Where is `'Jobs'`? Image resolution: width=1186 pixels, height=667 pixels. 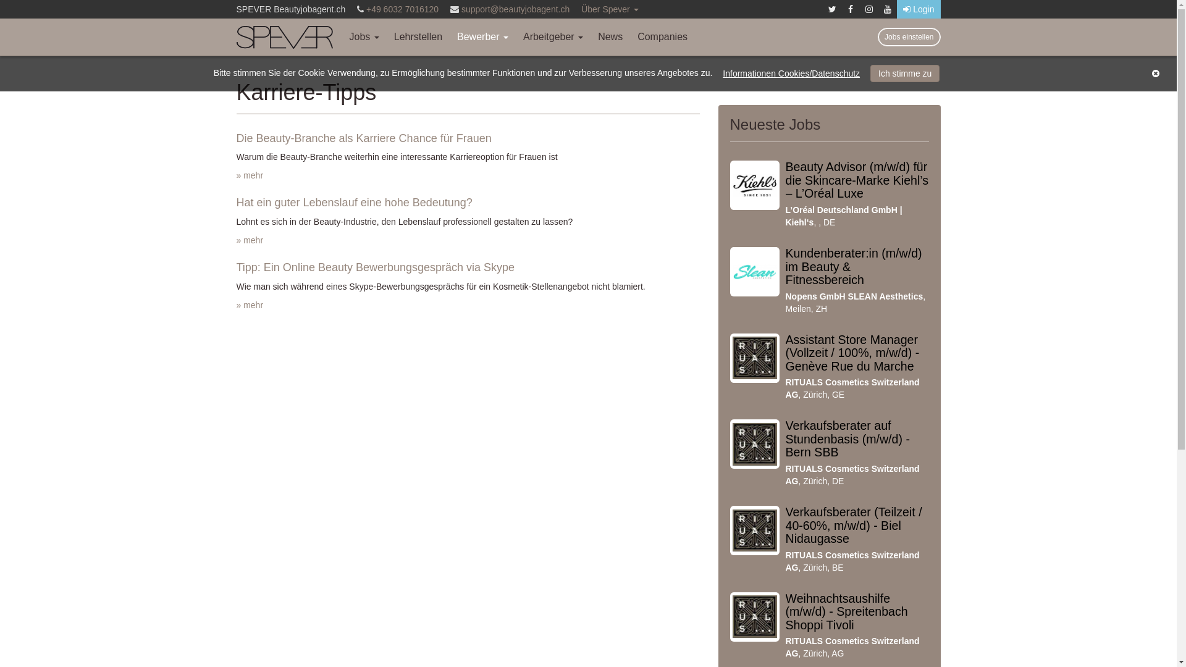
'Jobs' is located at coordinates (364, 36).